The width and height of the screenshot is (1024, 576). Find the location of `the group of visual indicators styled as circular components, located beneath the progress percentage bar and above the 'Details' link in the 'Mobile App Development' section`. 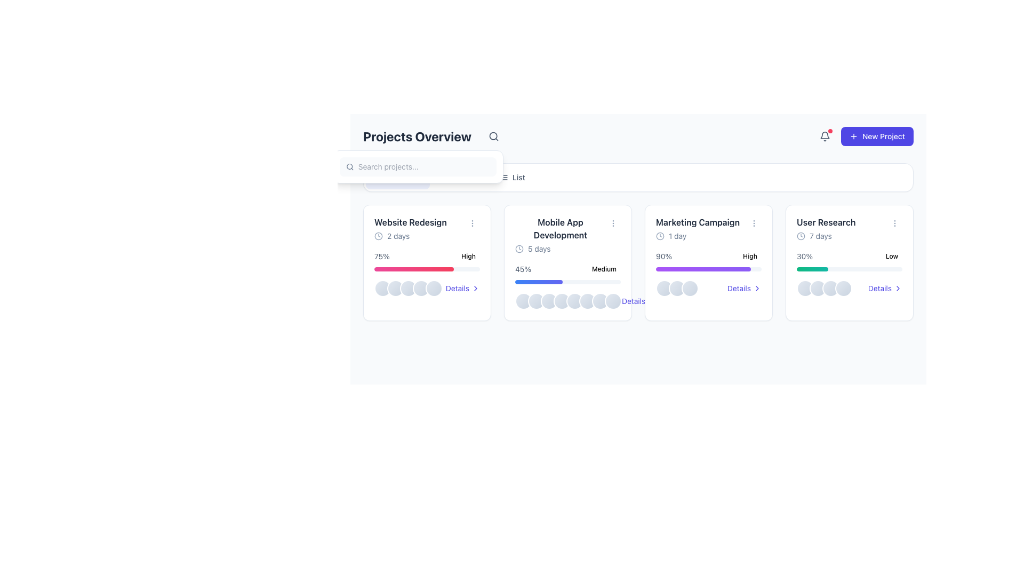

the group of visual indicators styled as circular components, located beneath the progress percentage bar and above the 'Details' link in the 'Mobile App Development' section is located at coordinates (567, 301).